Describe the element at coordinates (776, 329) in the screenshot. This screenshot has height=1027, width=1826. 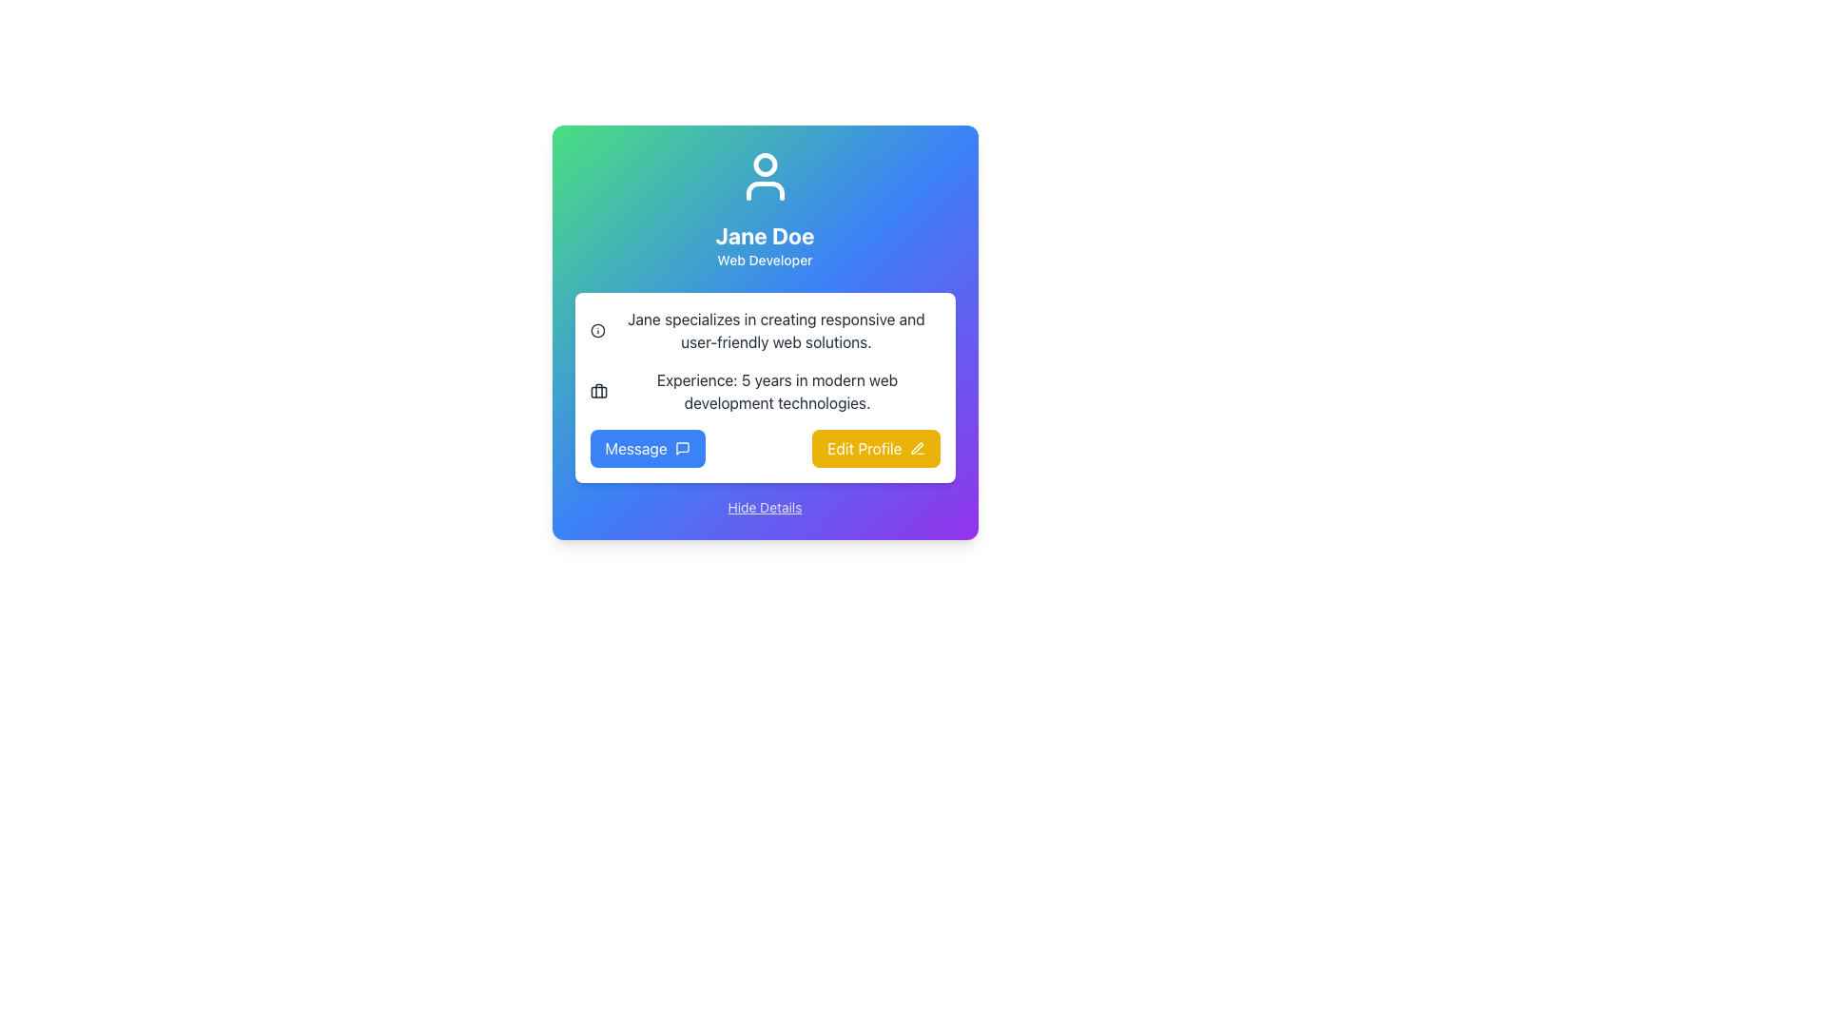
I see `the text display that shows the phrase 'Jane specializes in creating responsive and user-friendly web solutions.'` at that location.